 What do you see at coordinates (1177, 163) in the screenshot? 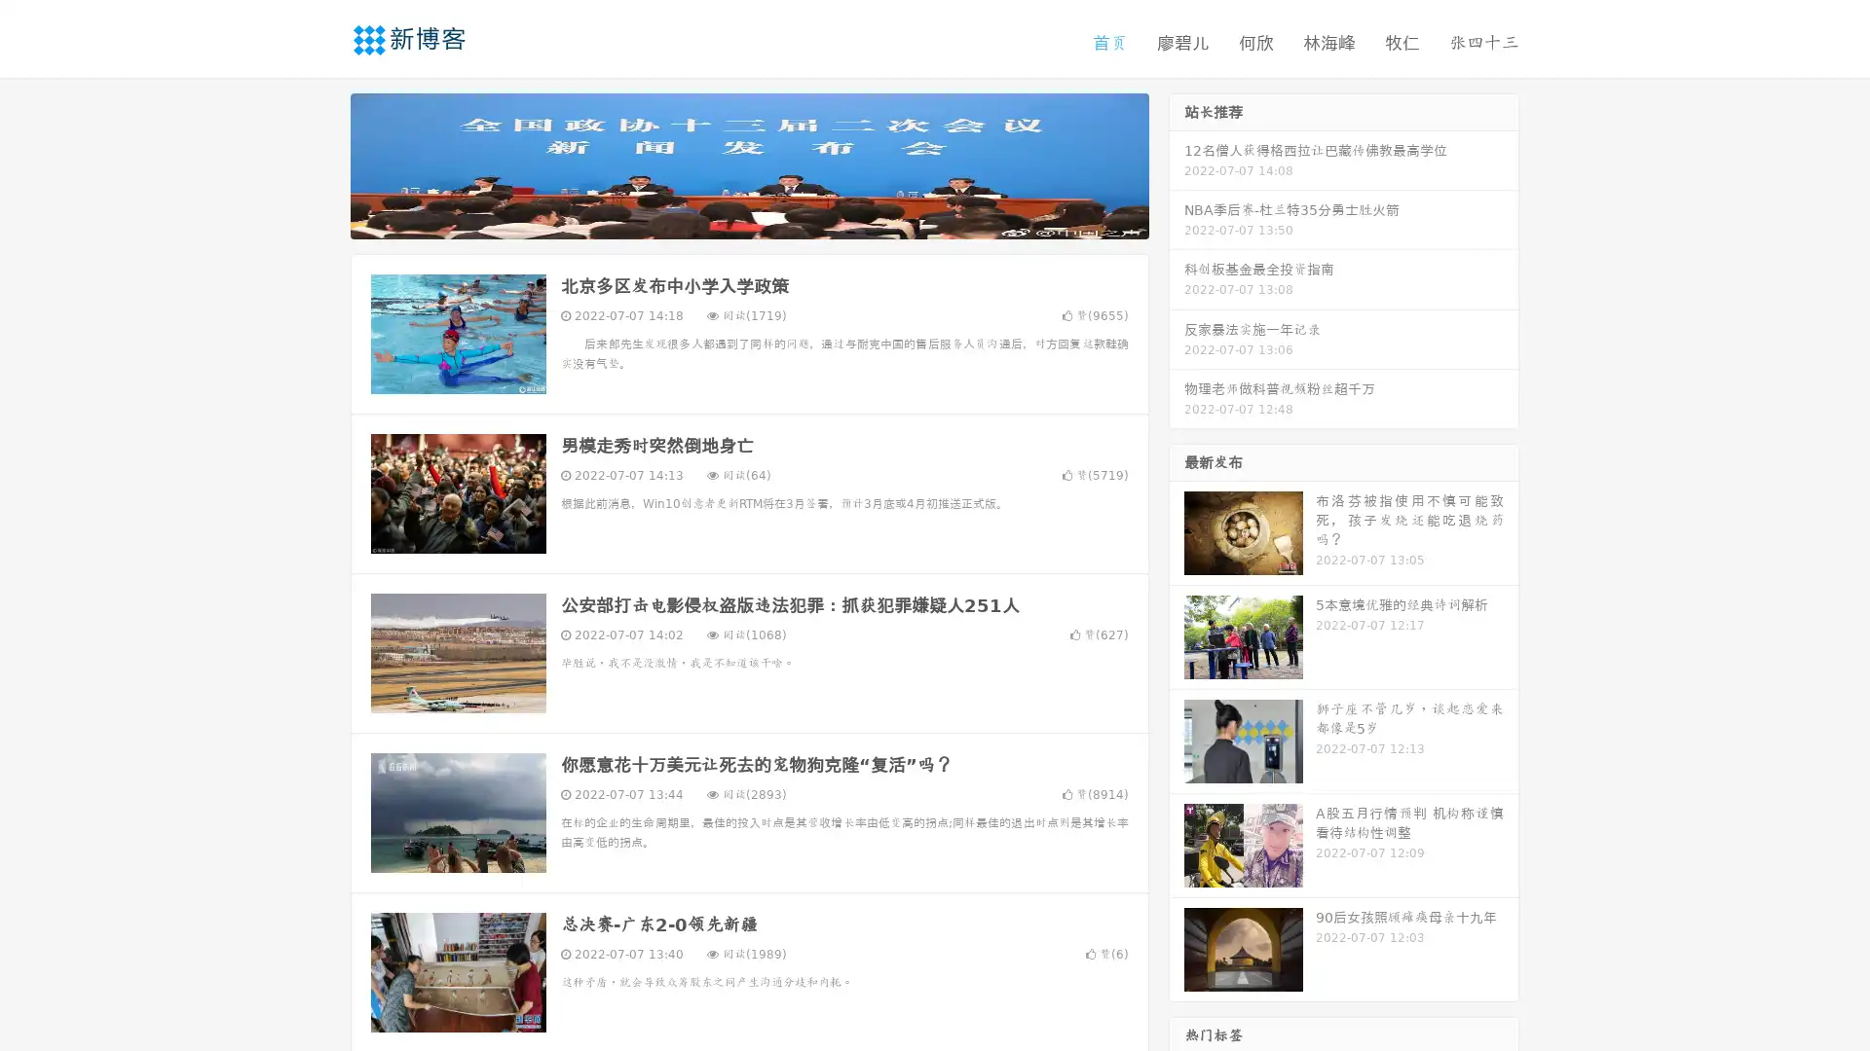
I see `Next slide` at bounding box center [1177, 163].